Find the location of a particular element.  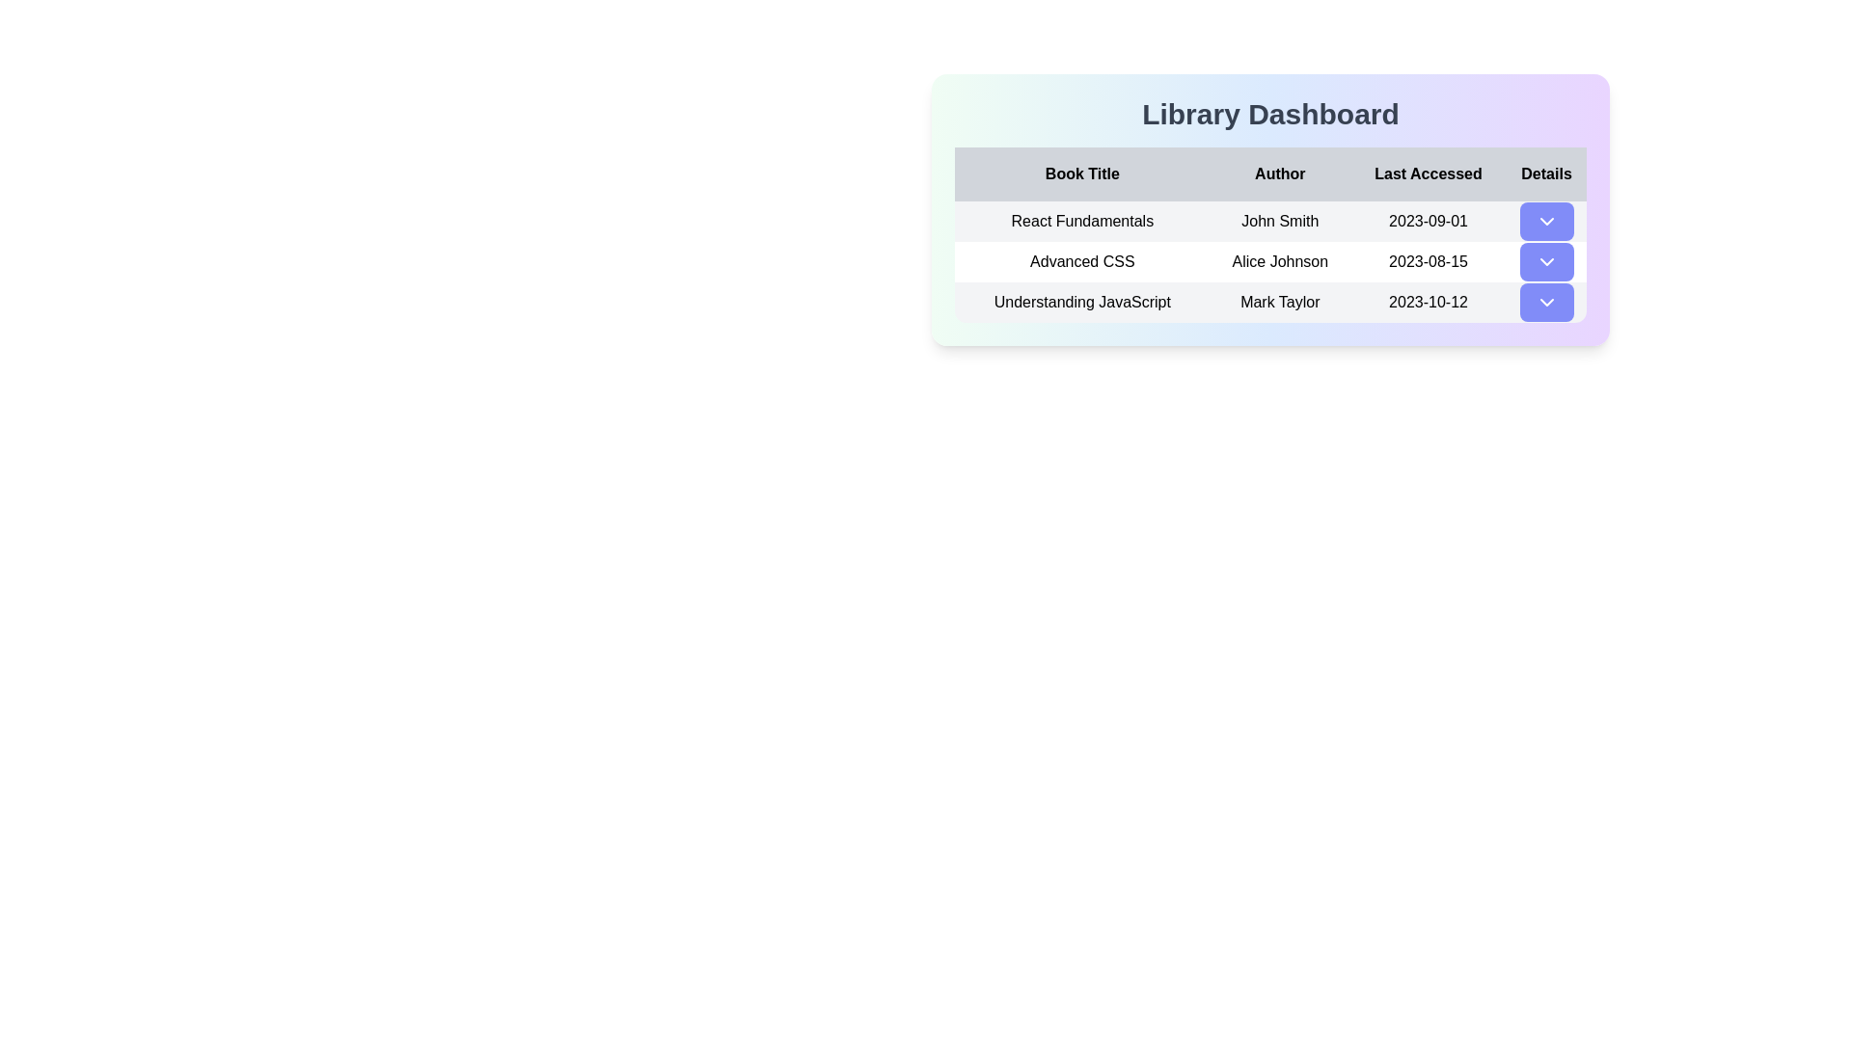

the downward-facing chevron icon within the button in the 'Details' column of the last row for the entry 'Understanding JavaScript' by Mark Taylor is located at coordinates (1546, 302).